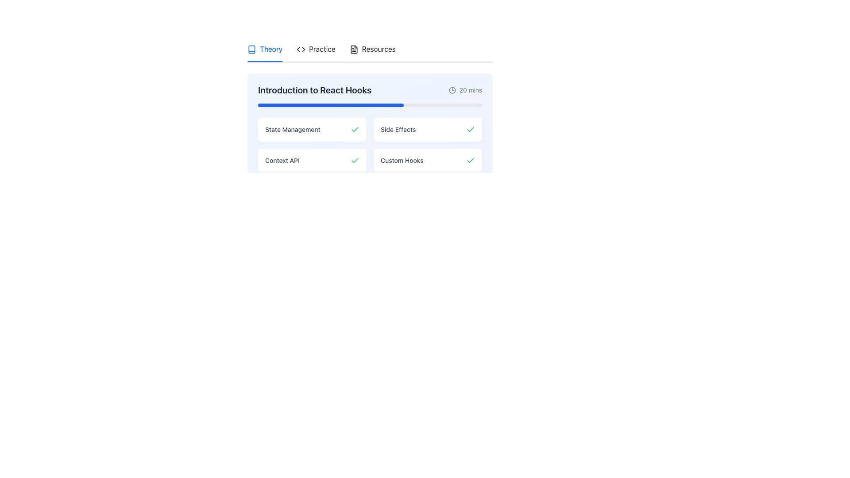 The width and height of the screenshot is (850, 478). I want to click on the compact green outlined checkmark icon located at the right edge of the 'Custom Hooks' list item, so click(470, 160).